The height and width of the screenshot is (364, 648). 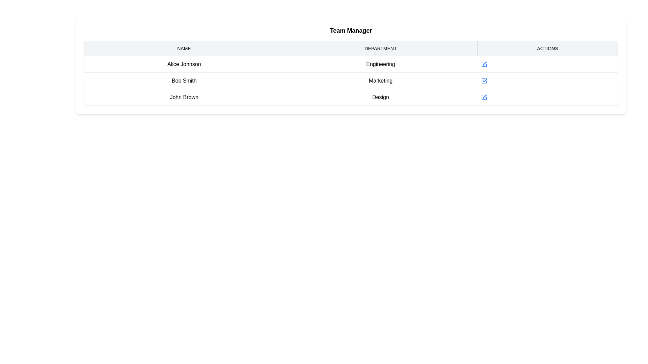 I want to click on the heading text 'Team Manager' which is styled in bold and slightly larger font, located at the top of the card layout containing team-related information, so click(x=351, y=31).